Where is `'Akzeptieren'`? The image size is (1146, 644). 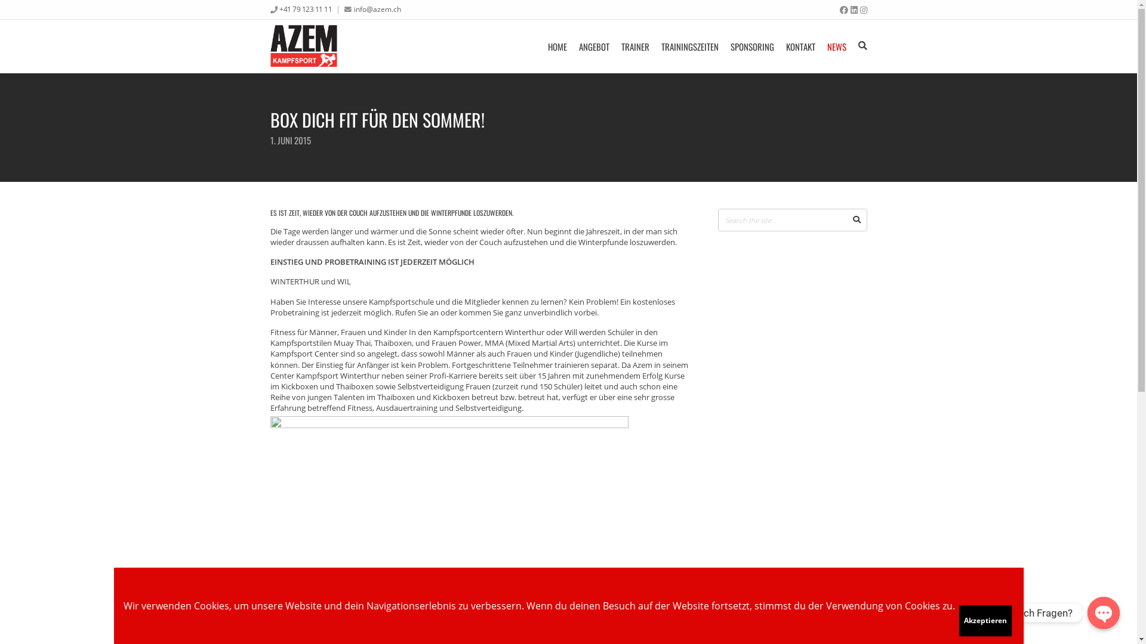
'Akzeptieren' is located at coordinates (959, 620).